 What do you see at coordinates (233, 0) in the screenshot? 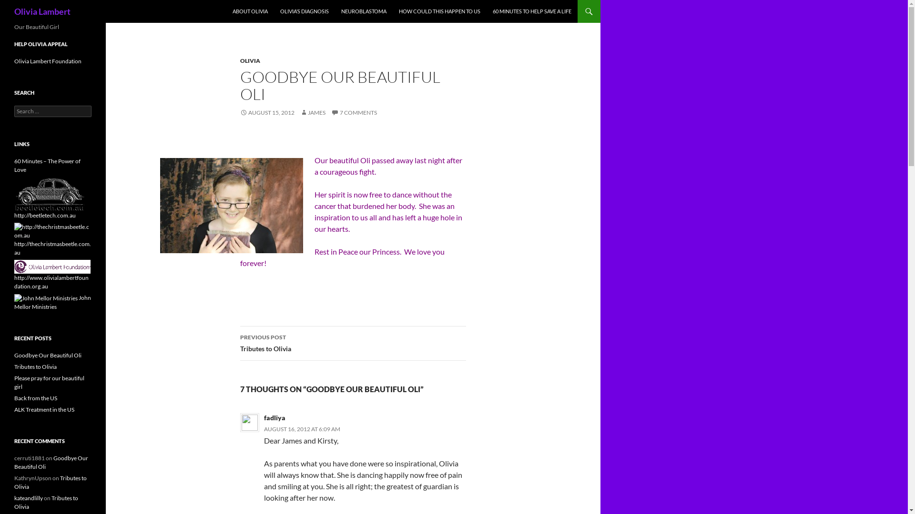
I see `'SKIP TO CONTENT'` at bounding box center [233, 0].